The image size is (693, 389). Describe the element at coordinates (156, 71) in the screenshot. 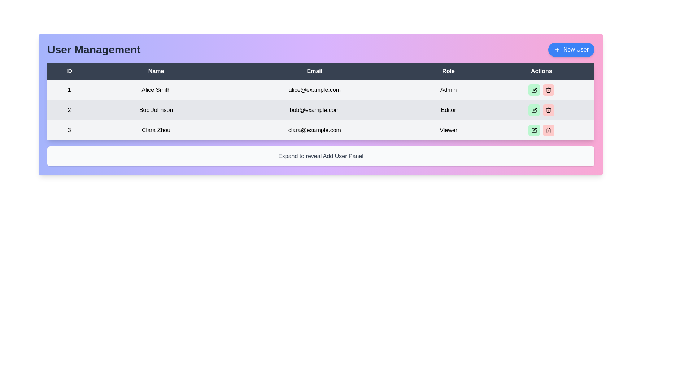

I see `text 'Name' from the header of the 'Name' column in the data table, which is located in the second column of the table header, between the 'ID' and 'Email' columns` at that location.